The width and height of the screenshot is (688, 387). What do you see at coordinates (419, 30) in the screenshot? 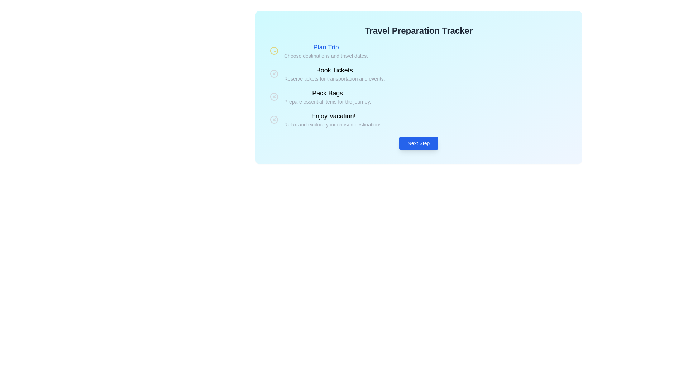
I see `the heading 'Travel Preparation Tracker'` at bounding box center [419, 30].